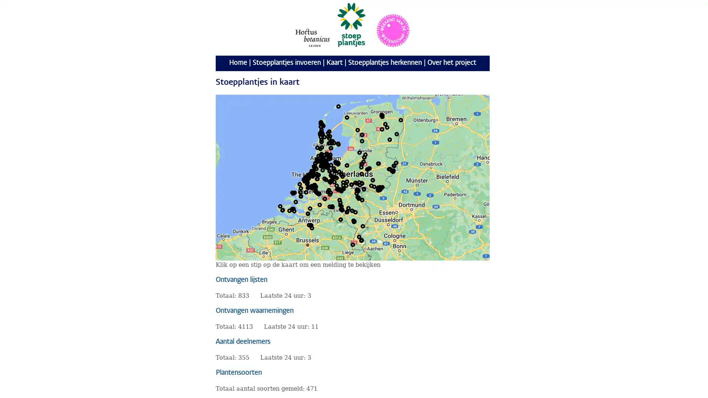 This screenshot has height=398, width=708. What do you see at coordinates (325, 162) in the screenshot?
I see `Telling van Hannah op 14 april 2022` at bounding box center [325, 162].